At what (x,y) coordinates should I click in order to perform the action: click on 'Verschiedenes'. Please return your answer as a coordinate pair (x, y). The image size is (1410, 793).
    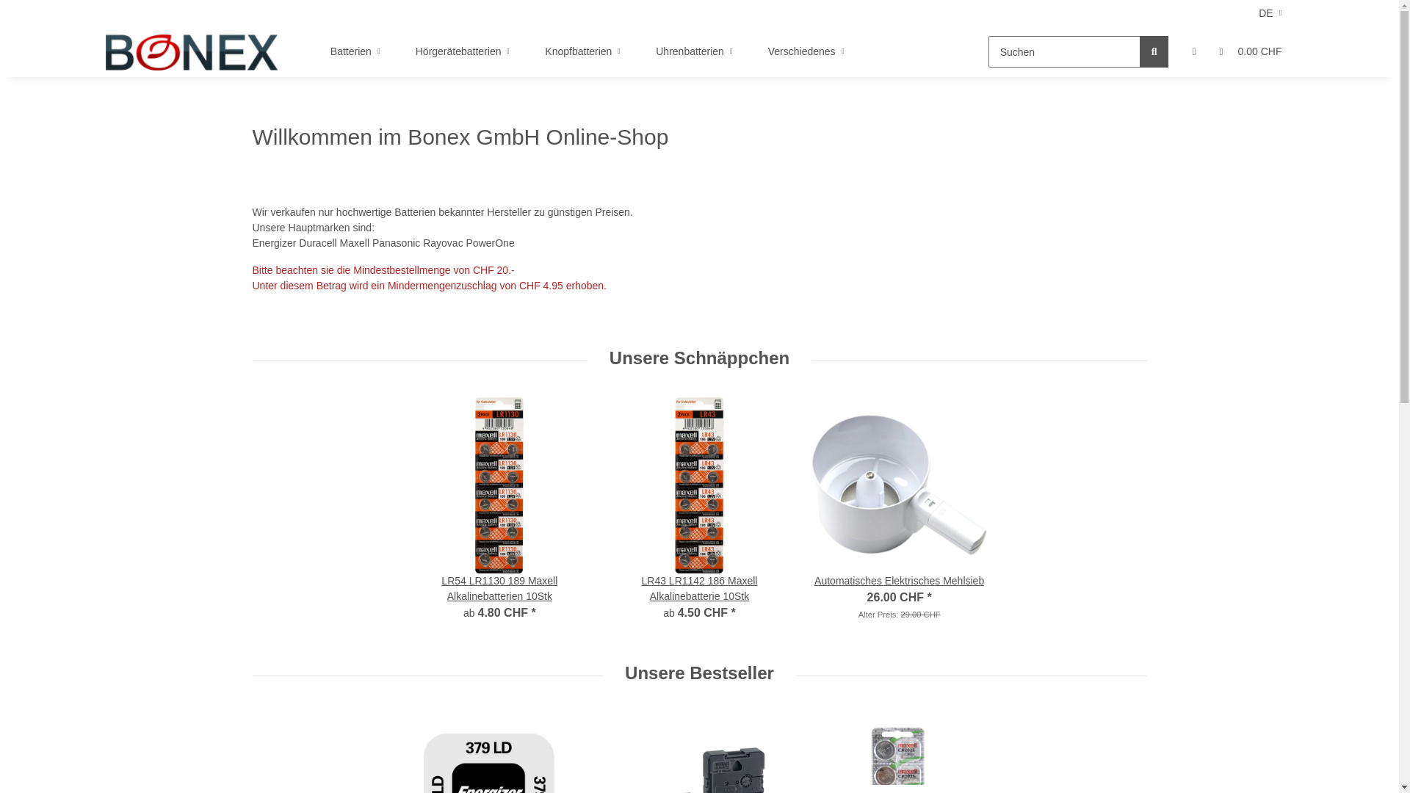
    Looking at the image, I should click on (806, 51).